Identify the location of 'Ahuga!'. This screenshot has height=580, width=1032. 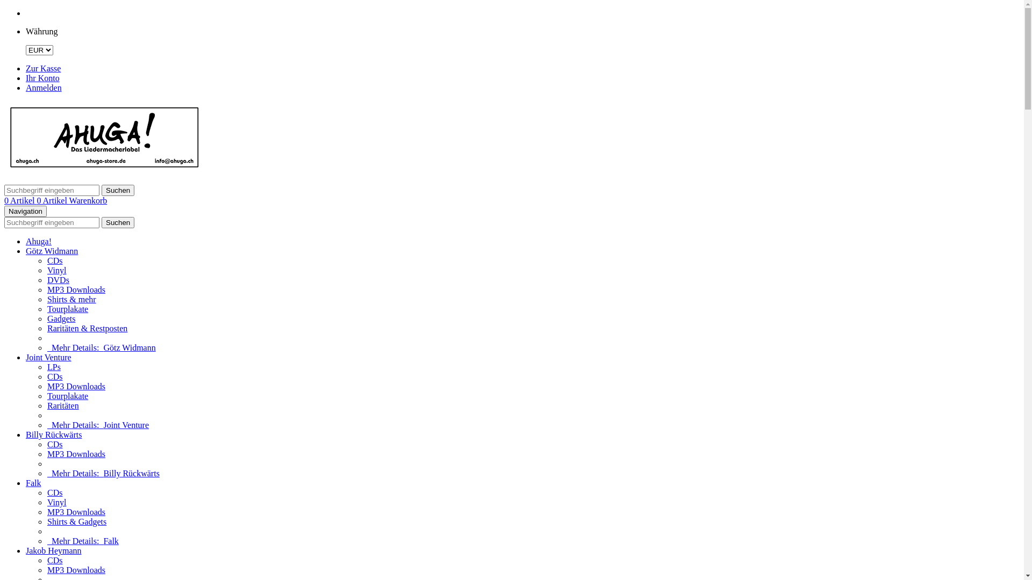
(39, 241).